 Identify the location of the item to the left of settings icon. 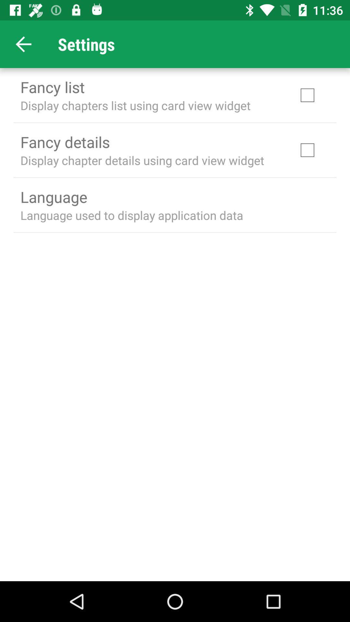
(23, 44).